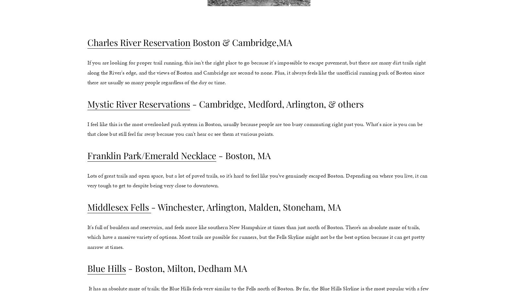 The height and width of the screenshot is (291, 518). What do you see at coordinates (151, 155) in the screenshot?
I see `'Franklin Park/Emerald Necklace'` at bounding box center [151, 155].